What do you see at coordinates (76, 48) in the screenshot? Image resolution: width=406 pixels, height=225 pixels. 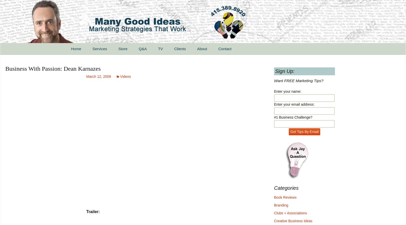 I see `'Home'` at bounding box center [76, 48].